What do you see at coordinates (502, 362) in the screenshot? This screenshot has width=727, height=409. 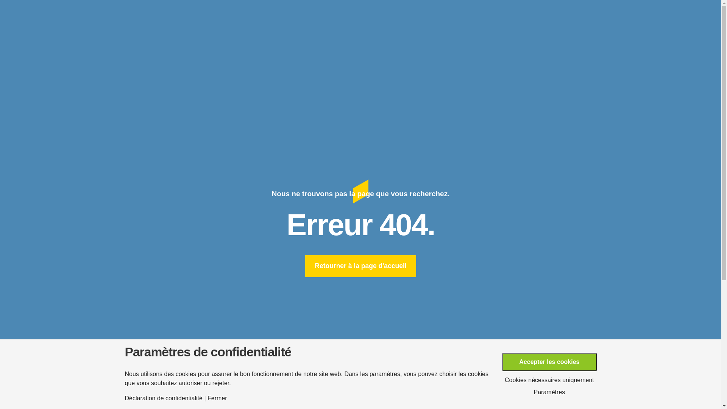 I see `'Accepter les cookies'` at bounding box center [502, 362].